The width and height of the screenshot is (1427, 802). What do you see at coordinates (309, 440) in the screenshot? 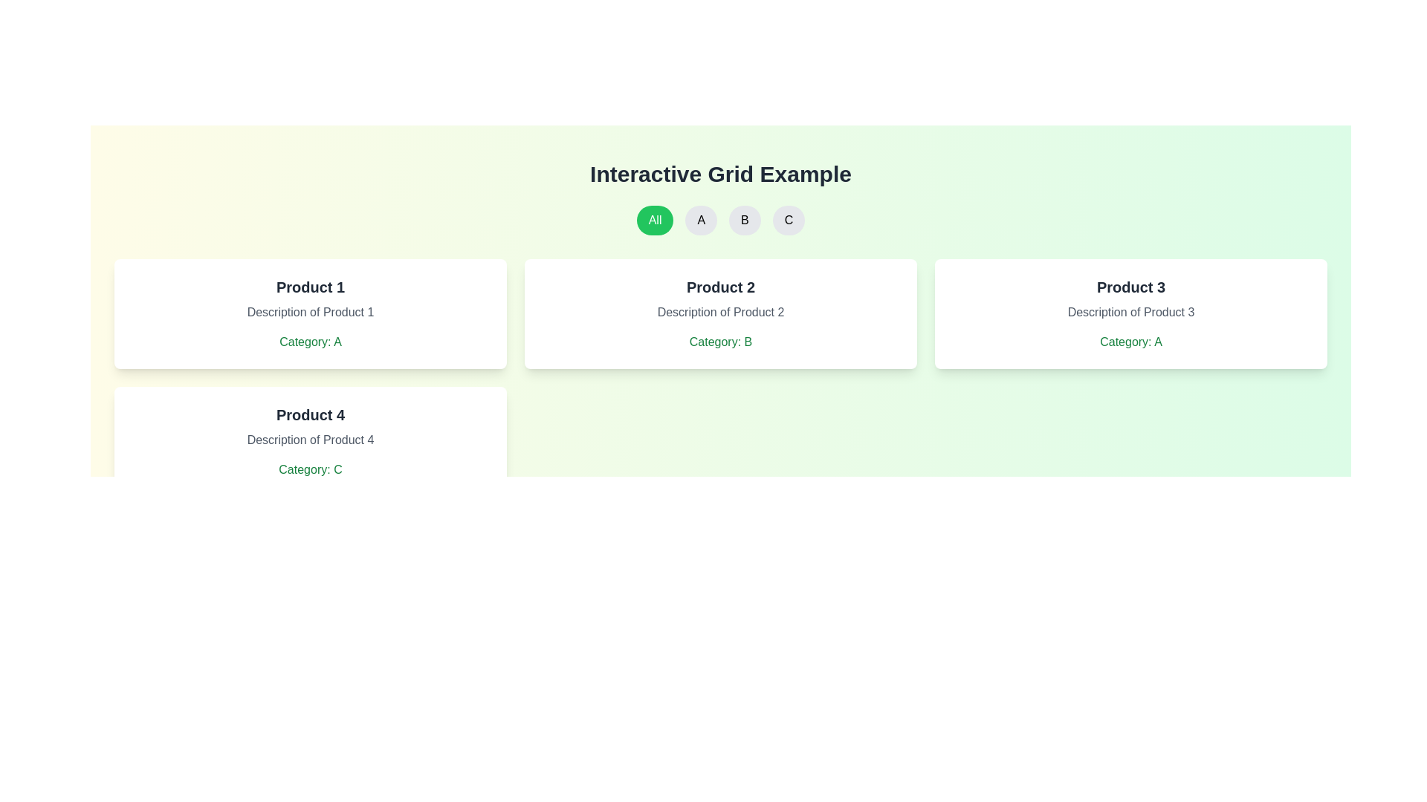
I see `the text label that says 'Description of Product 4', which is styled in a subdued gray color and located below the title 'Product 4'` at bounding box center [309, 440].